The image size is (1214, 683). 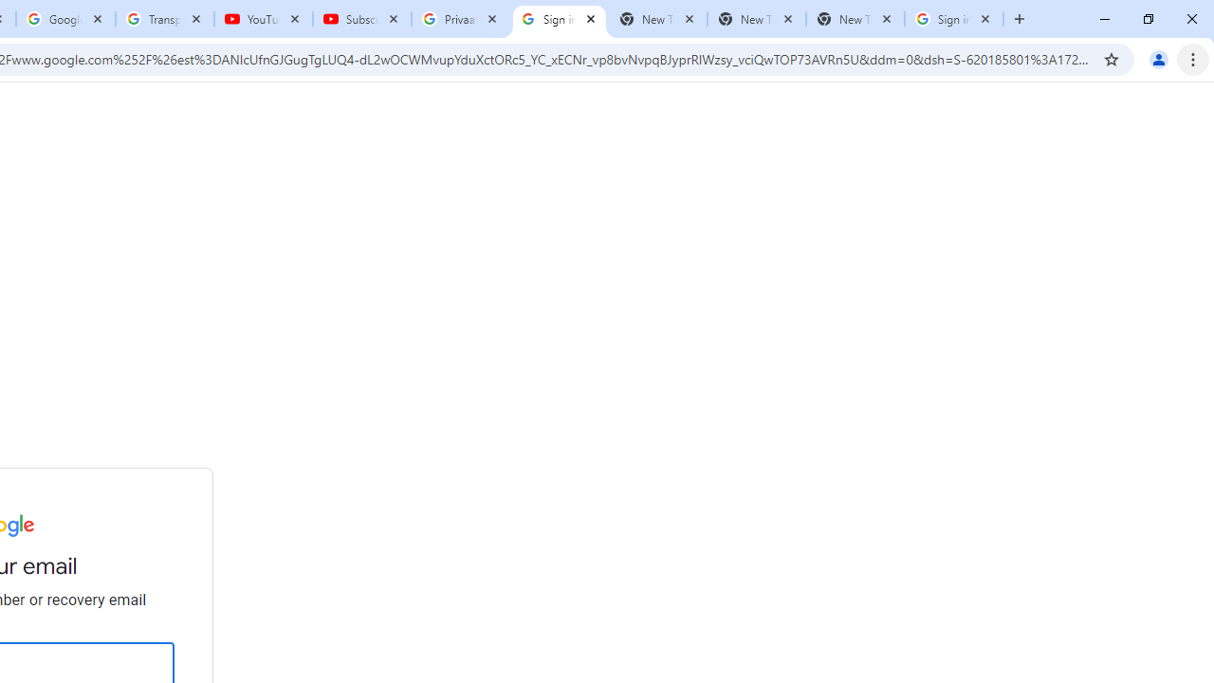 I want to click on 'New Tab', so click(x=854, y=19).